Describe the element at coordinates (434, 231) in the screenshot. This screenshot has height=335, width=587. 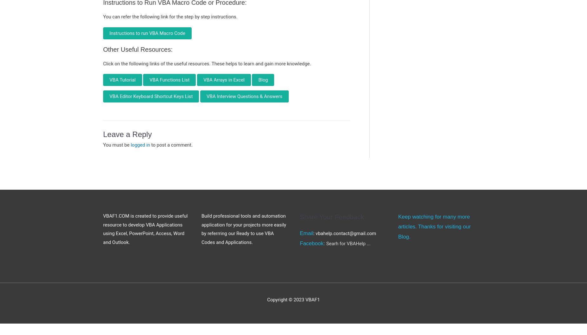
I see `'Thanks for visiting our Blog.'` at that location.